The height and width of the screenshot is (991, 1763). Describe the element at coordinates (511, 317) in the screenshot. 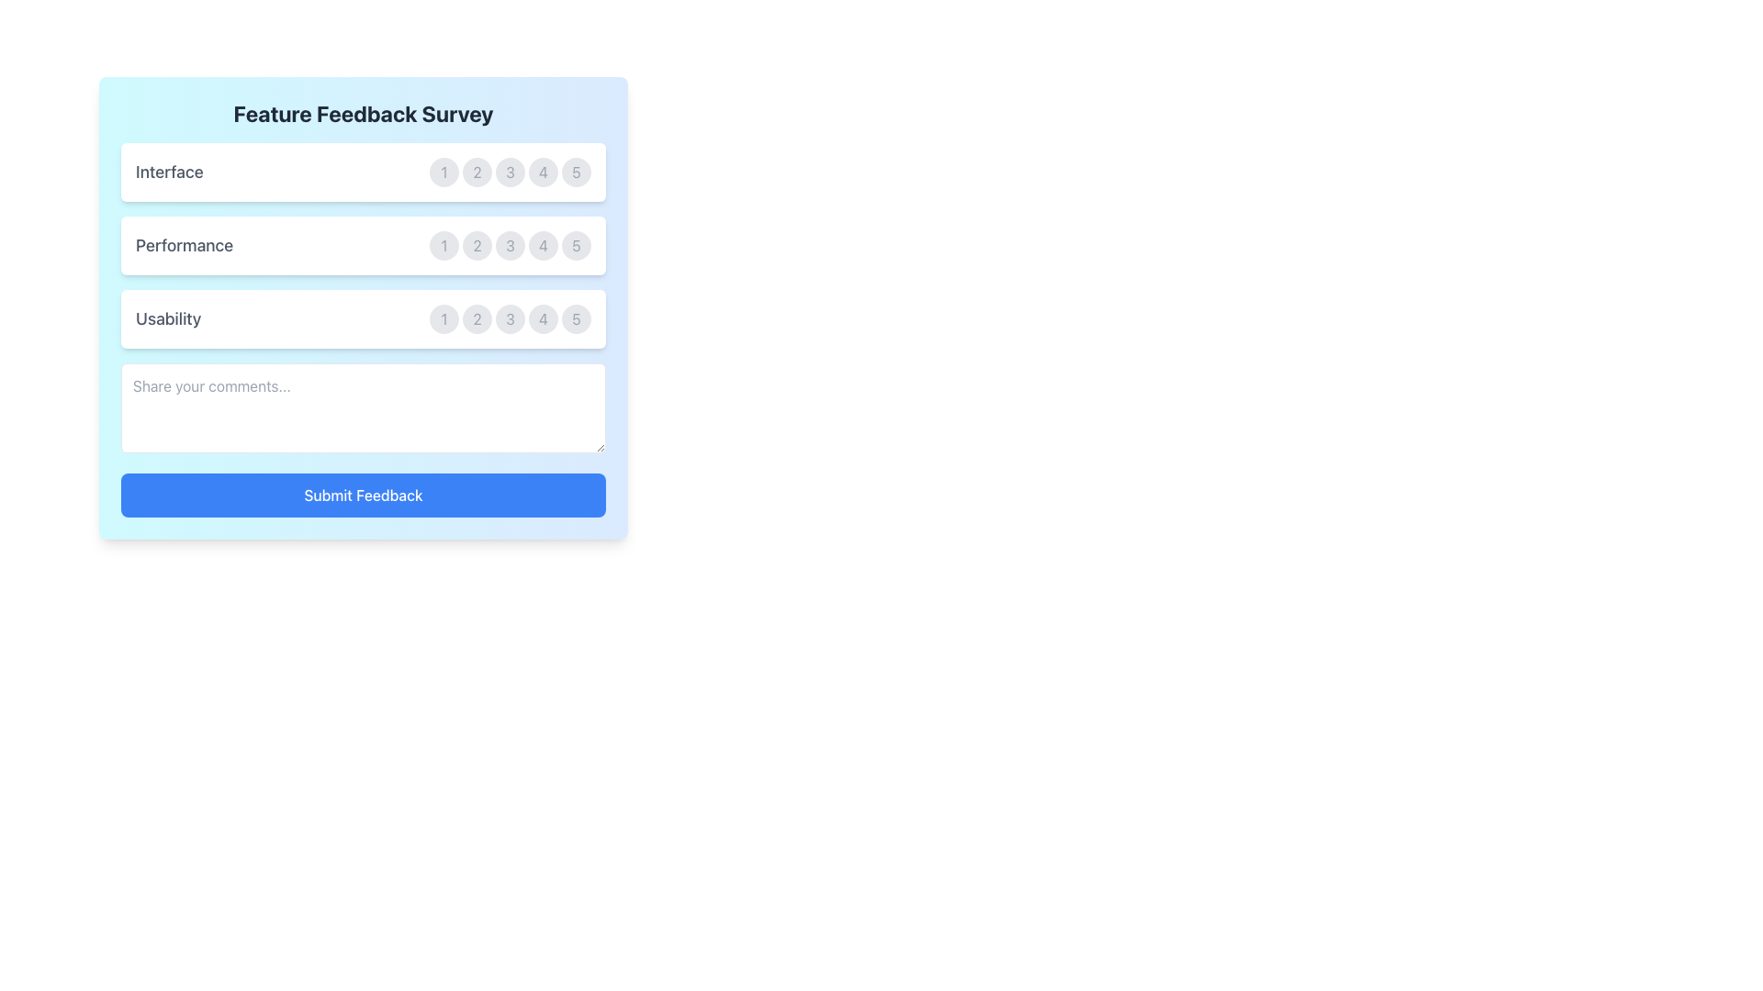

I see `the third button labeled 'Usability' in the feedback survey` at that location.